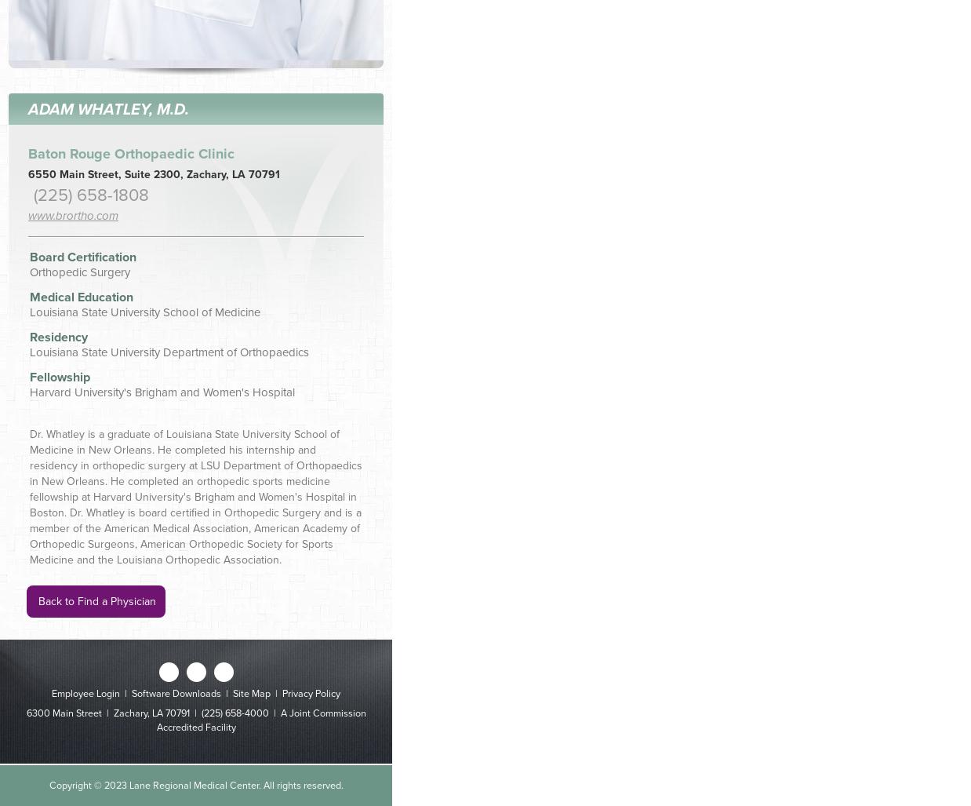 This screenshot has height=806, width=971. Describe the element at coordinates (85, 692) in the screenshot. I see `'Employee Login'` at that location.